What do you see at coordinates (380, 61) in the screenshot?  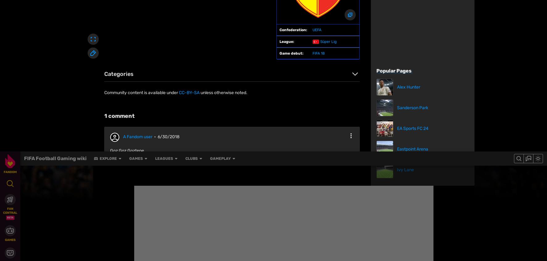 I see `'Tranmere Rovers F.C.'` at bounding box center [380, 61].